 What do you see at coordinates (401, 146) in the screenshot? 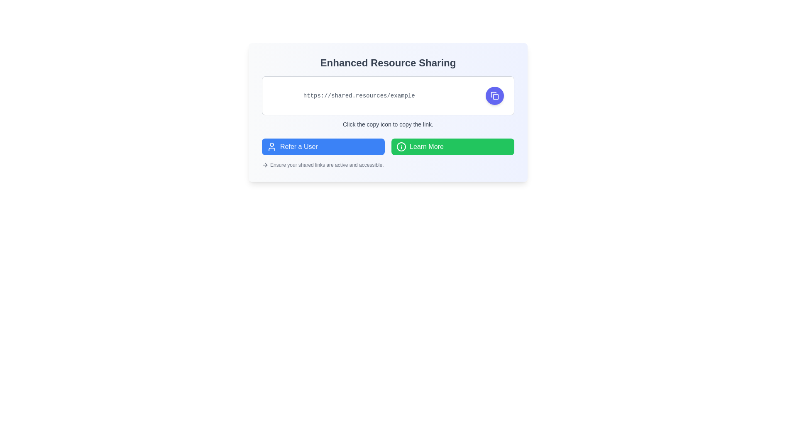
I see `the circular shape within the SVG group that represents part of the information icon, located near the right-hand side of the green 'Learn More' button` at bounding box center [401, 146].